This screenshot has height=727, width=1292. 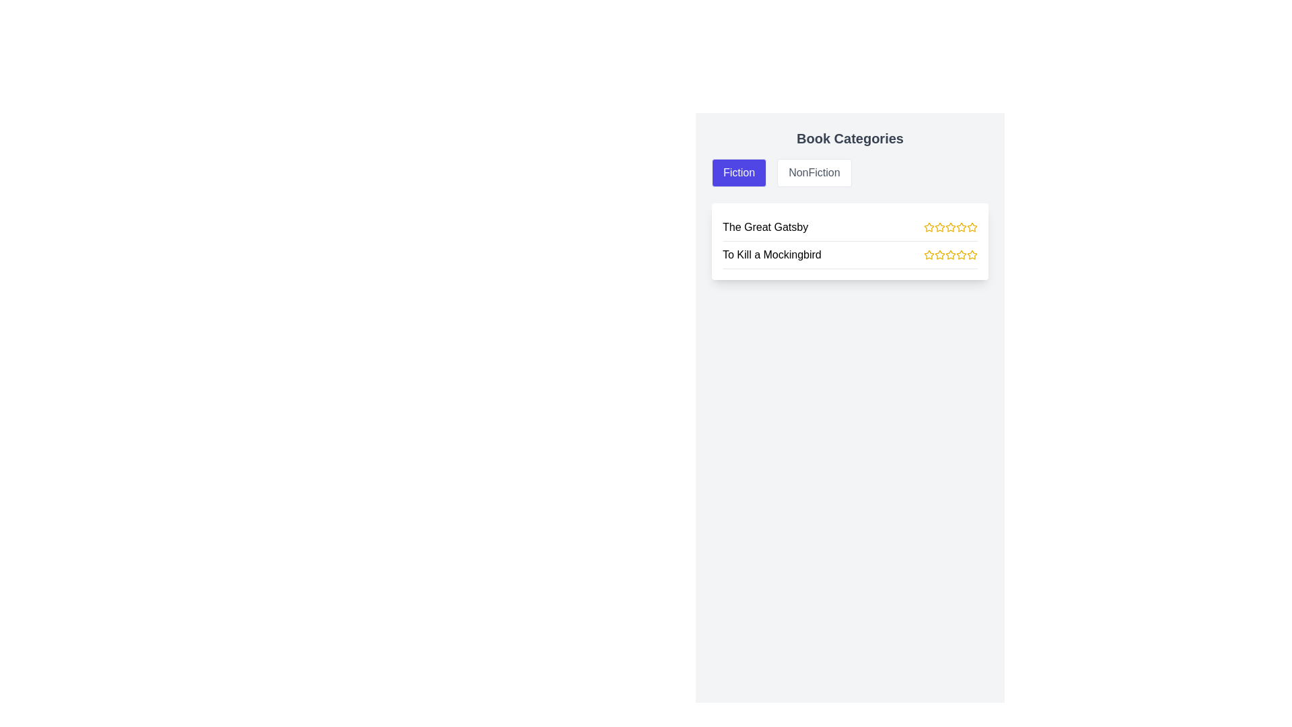 What do you see at coordinates (949, 254) in the screenshot?
I see `the fourth rating star icon associated with the book 'To Kill a Mockingbird' for interaction` at bounding box center [949, 254].